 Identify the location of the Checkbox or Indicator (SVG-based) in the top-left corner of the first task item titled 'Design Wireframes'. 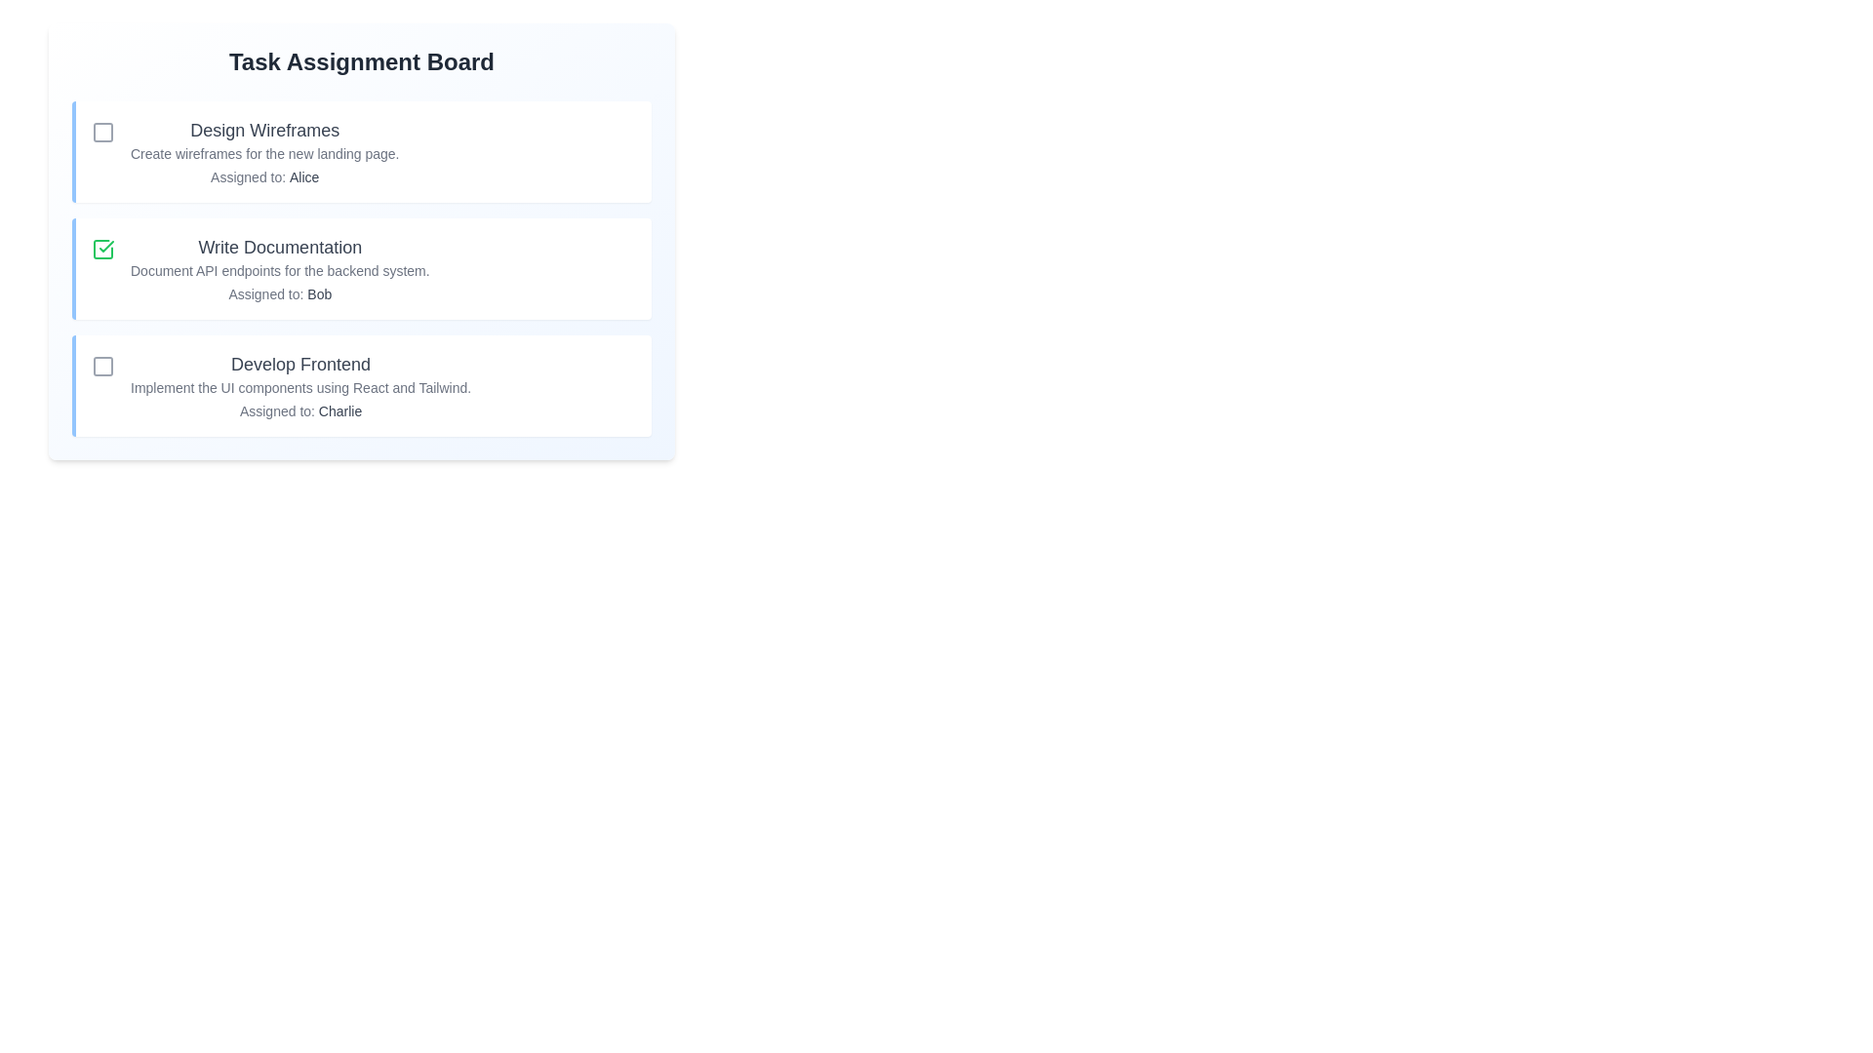
(101, 132).